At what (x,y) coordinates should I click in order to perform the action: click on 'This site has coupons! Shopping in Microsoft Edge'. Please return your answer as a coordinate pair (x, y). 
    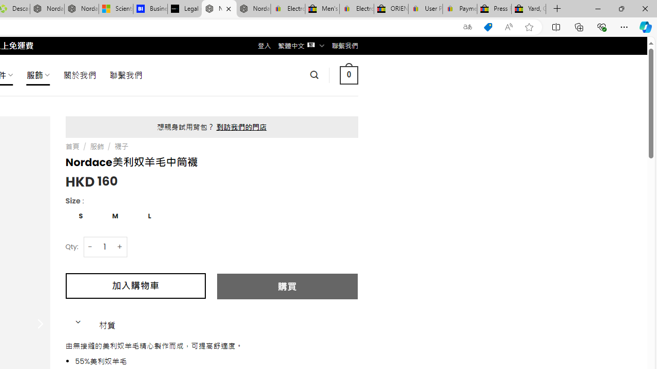
    Looking at the image, I should click on (488, 27).